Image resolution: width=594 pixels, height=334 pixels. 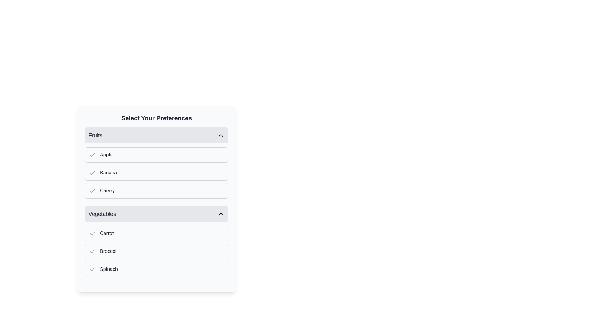 What do you see at coordinates (92, 233) in the screenshot?
I see `the selection status of the checkmark icon corresponding to the item 'Cherry' in the Fruits section of the list` at bounding box center [92, 233].